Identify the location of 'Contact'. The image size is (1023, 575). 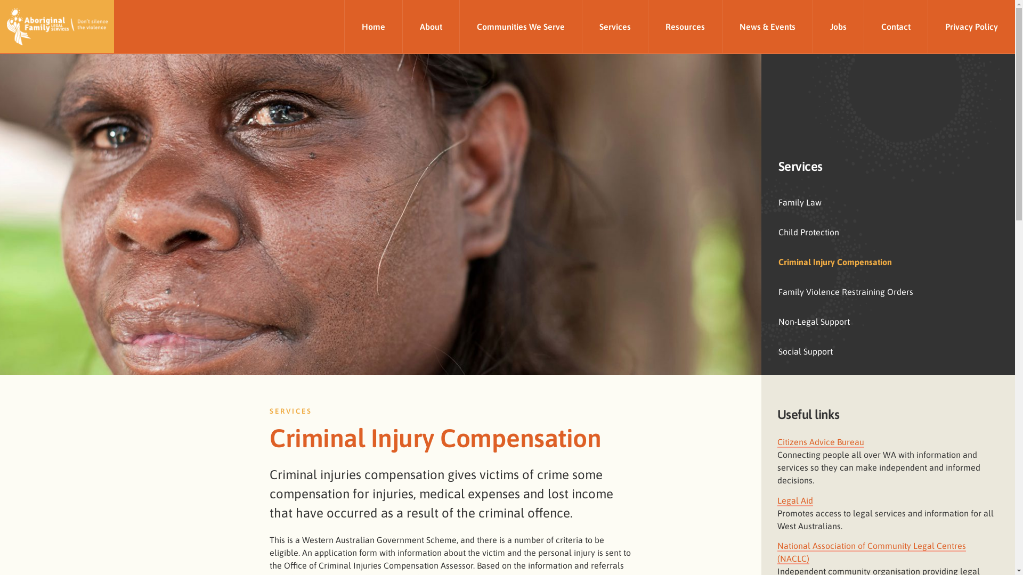
(895, 26).